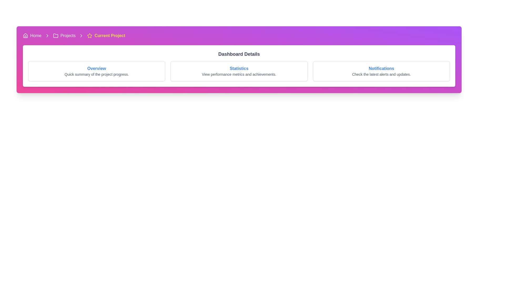 The height and width of the screenshot is (284, 505). Describe the element at coordinates (239, 68) in the screenshot. I see `blue-bolded text label displaying 'Statistics', which serves as the headline of its section, to understand the section's purpose` at that location.